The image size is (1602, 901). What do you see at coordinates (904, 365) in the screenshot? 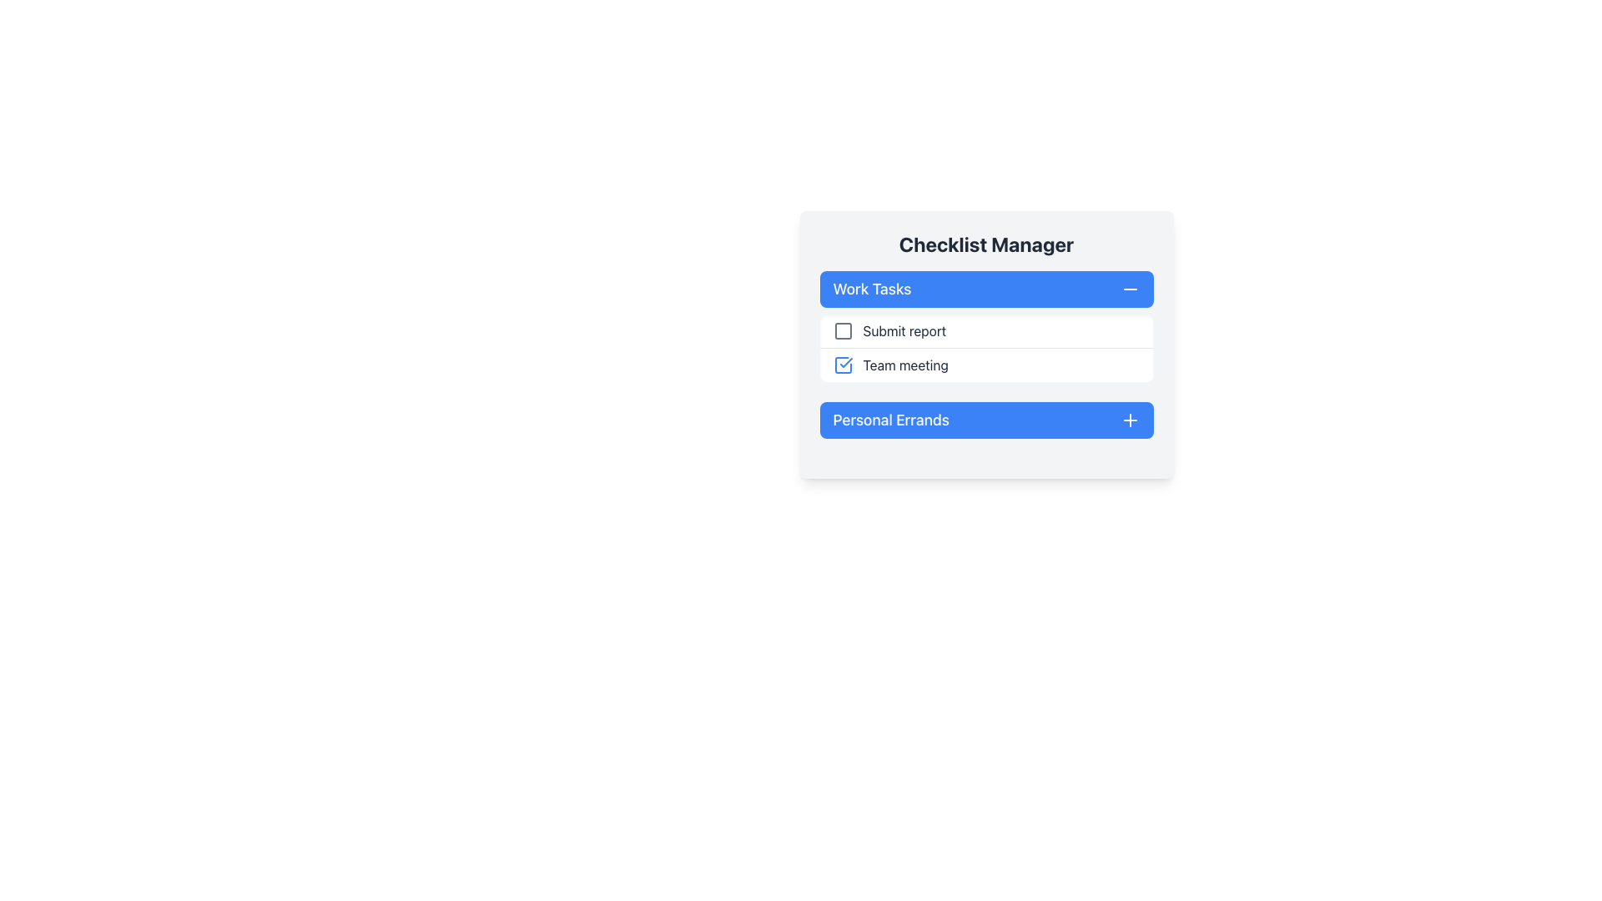
I see `text label containing the words 'Team meeting' which is styled in gray and is part of the checklist interface under the 'Work Tasks' section, located to the right of a blue checkmark icon` at bounding box center [904, 365].